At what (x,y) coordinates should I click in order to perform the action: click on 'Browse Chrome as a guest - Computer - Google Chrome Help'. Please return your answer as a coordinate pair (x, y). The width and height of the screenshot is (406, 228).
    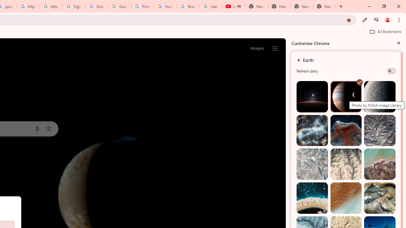
    Looking at the image, I should click on (187, 6).